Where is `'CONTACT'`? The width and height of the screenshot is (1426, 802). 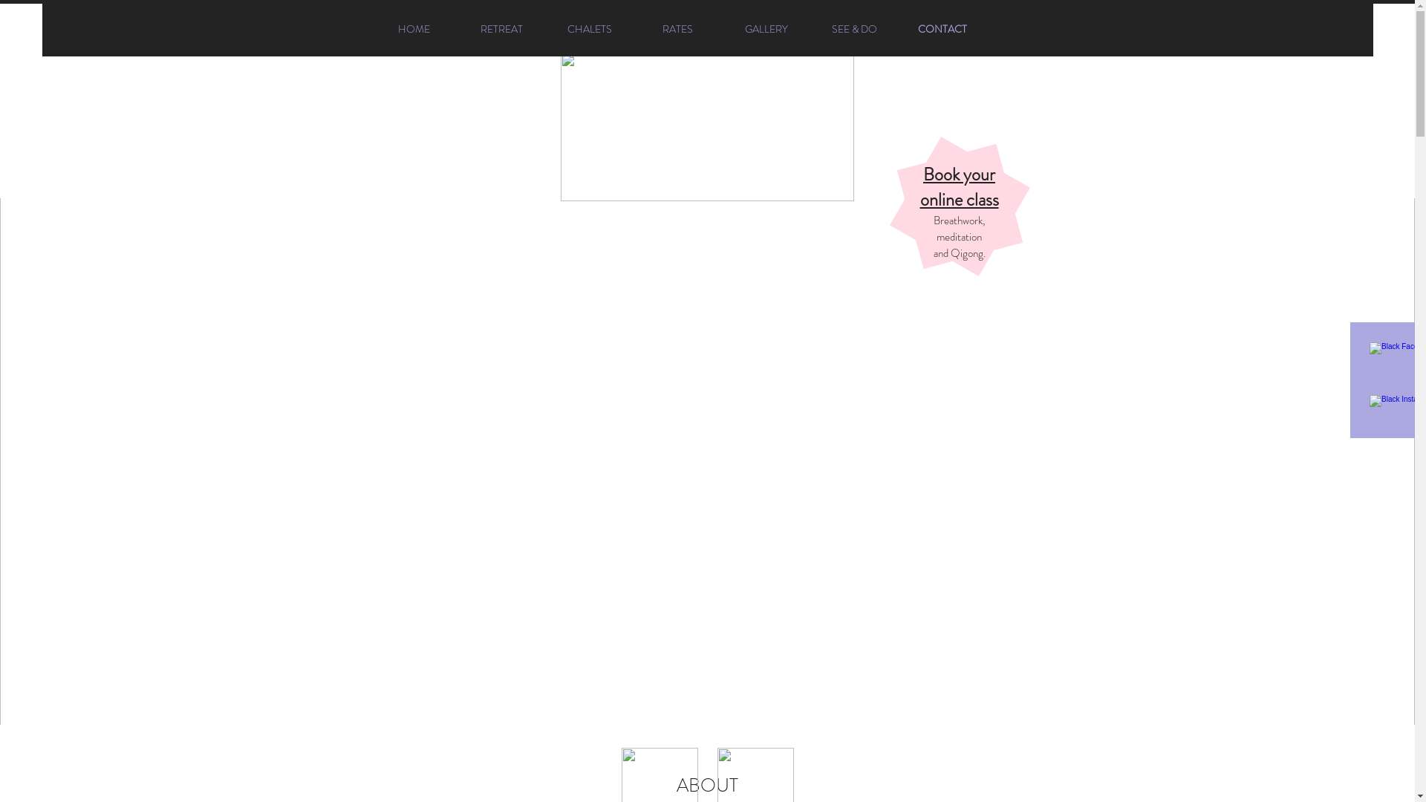 'CONTACT' is located at coordinates (890, 29).